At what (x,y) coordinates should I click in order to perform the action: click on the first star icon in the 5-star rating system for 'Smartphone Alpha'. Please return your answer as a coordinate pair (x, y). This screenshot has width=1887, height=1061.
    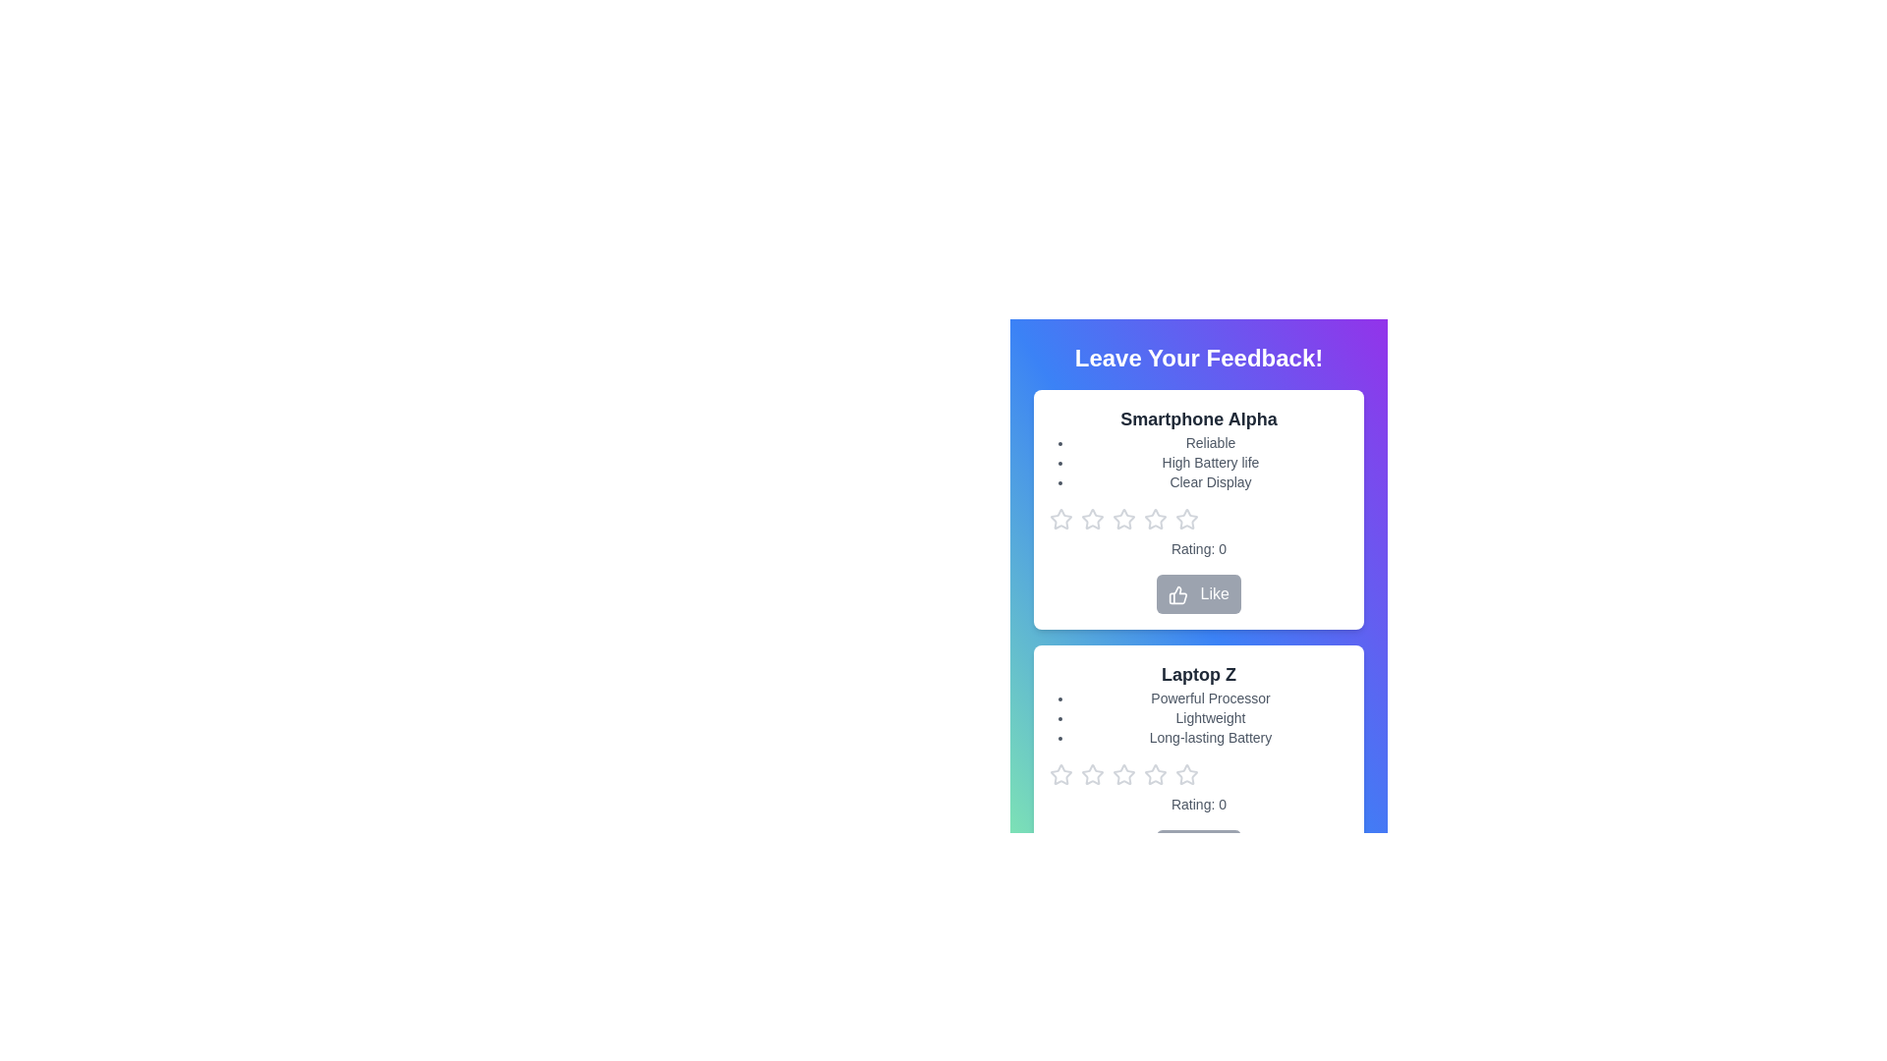
    Looking at the image, I should click on (1060, 518).